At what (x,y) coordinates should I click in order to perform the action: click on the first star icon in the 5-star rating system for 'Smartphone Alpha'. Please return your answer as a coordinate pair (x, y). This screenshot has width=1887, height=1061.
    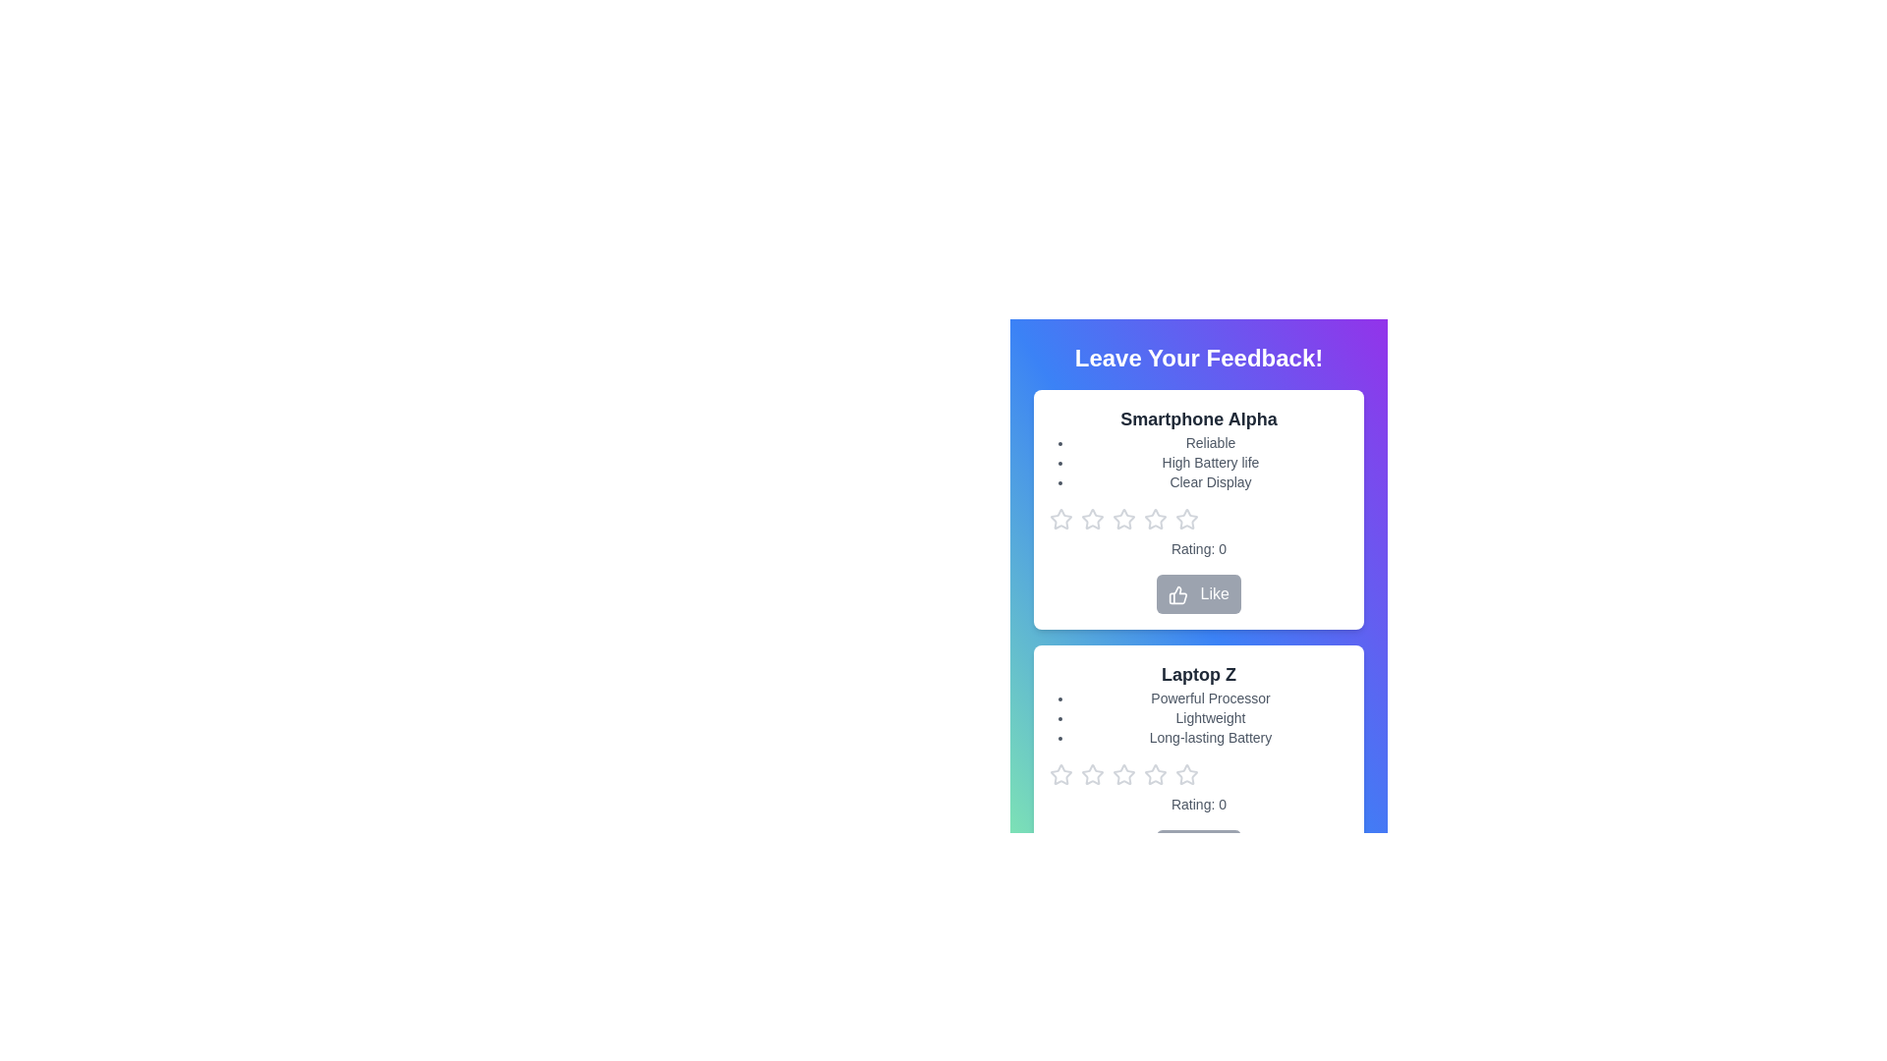
    Looking at the image, I should click on (1060, 518).